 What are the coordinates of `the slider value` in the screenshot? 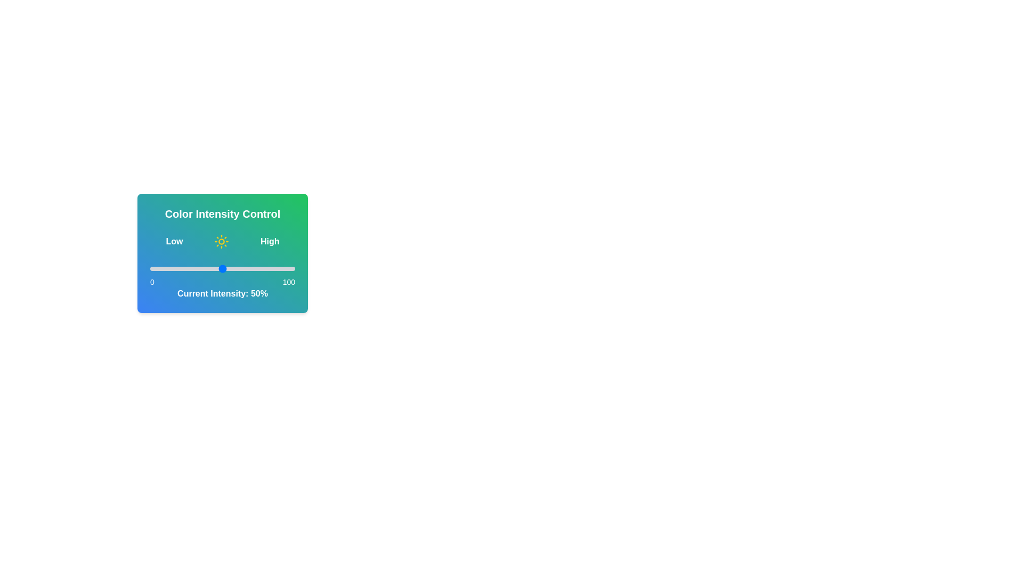 It's located at (232, 268).